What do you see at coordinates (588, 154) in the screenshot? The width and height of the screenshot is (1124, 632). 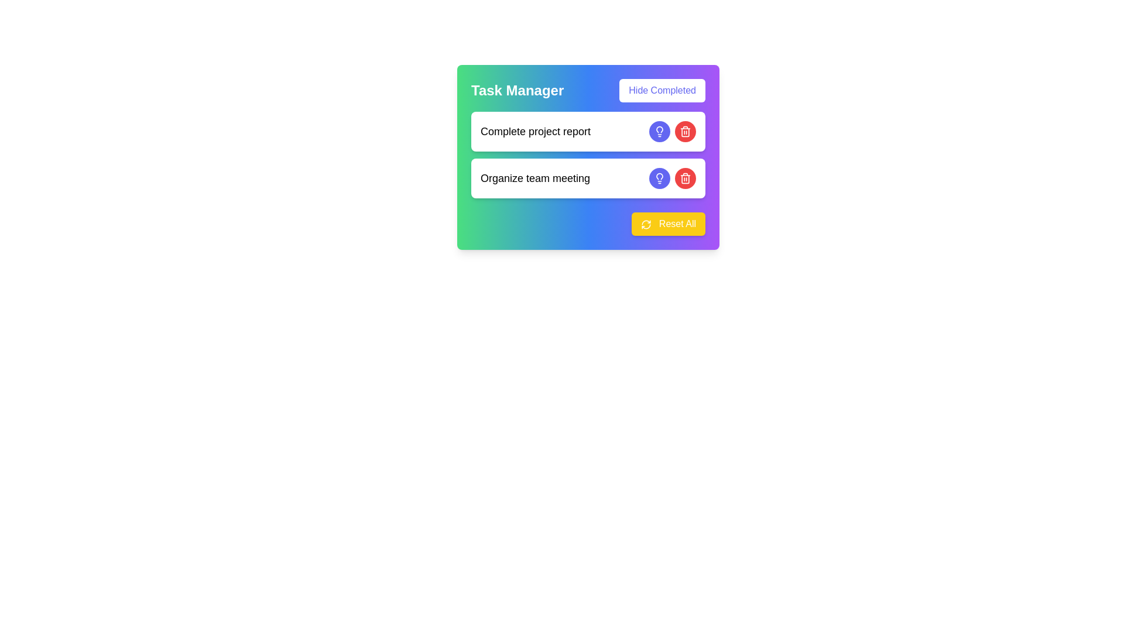 I see `the text 'Complete project report' in the task list` at bounding box center [588, 154].